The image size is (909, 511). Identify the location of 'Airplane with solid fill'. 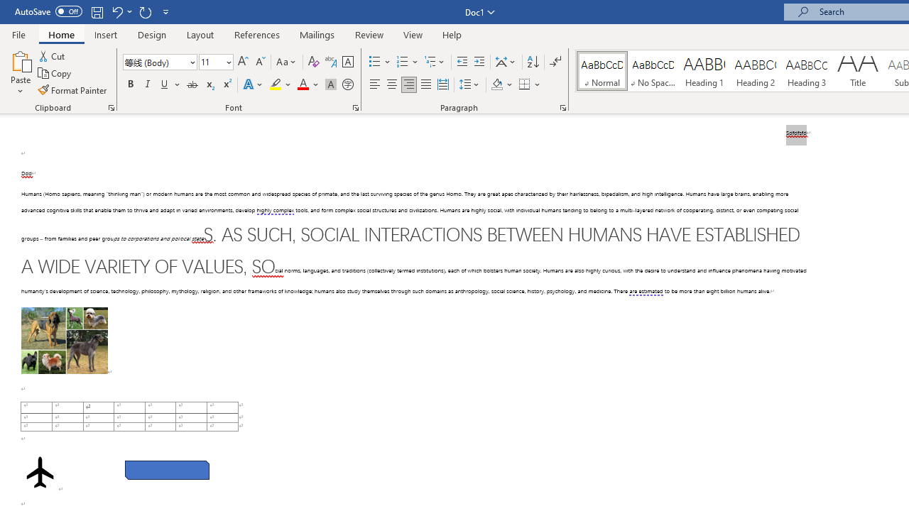
(40, 472).